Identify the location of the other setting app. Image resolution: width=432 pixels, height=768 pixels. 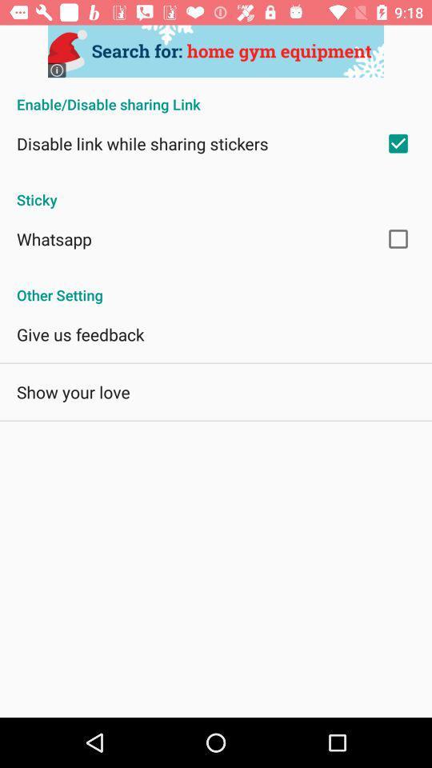
(216, 286).